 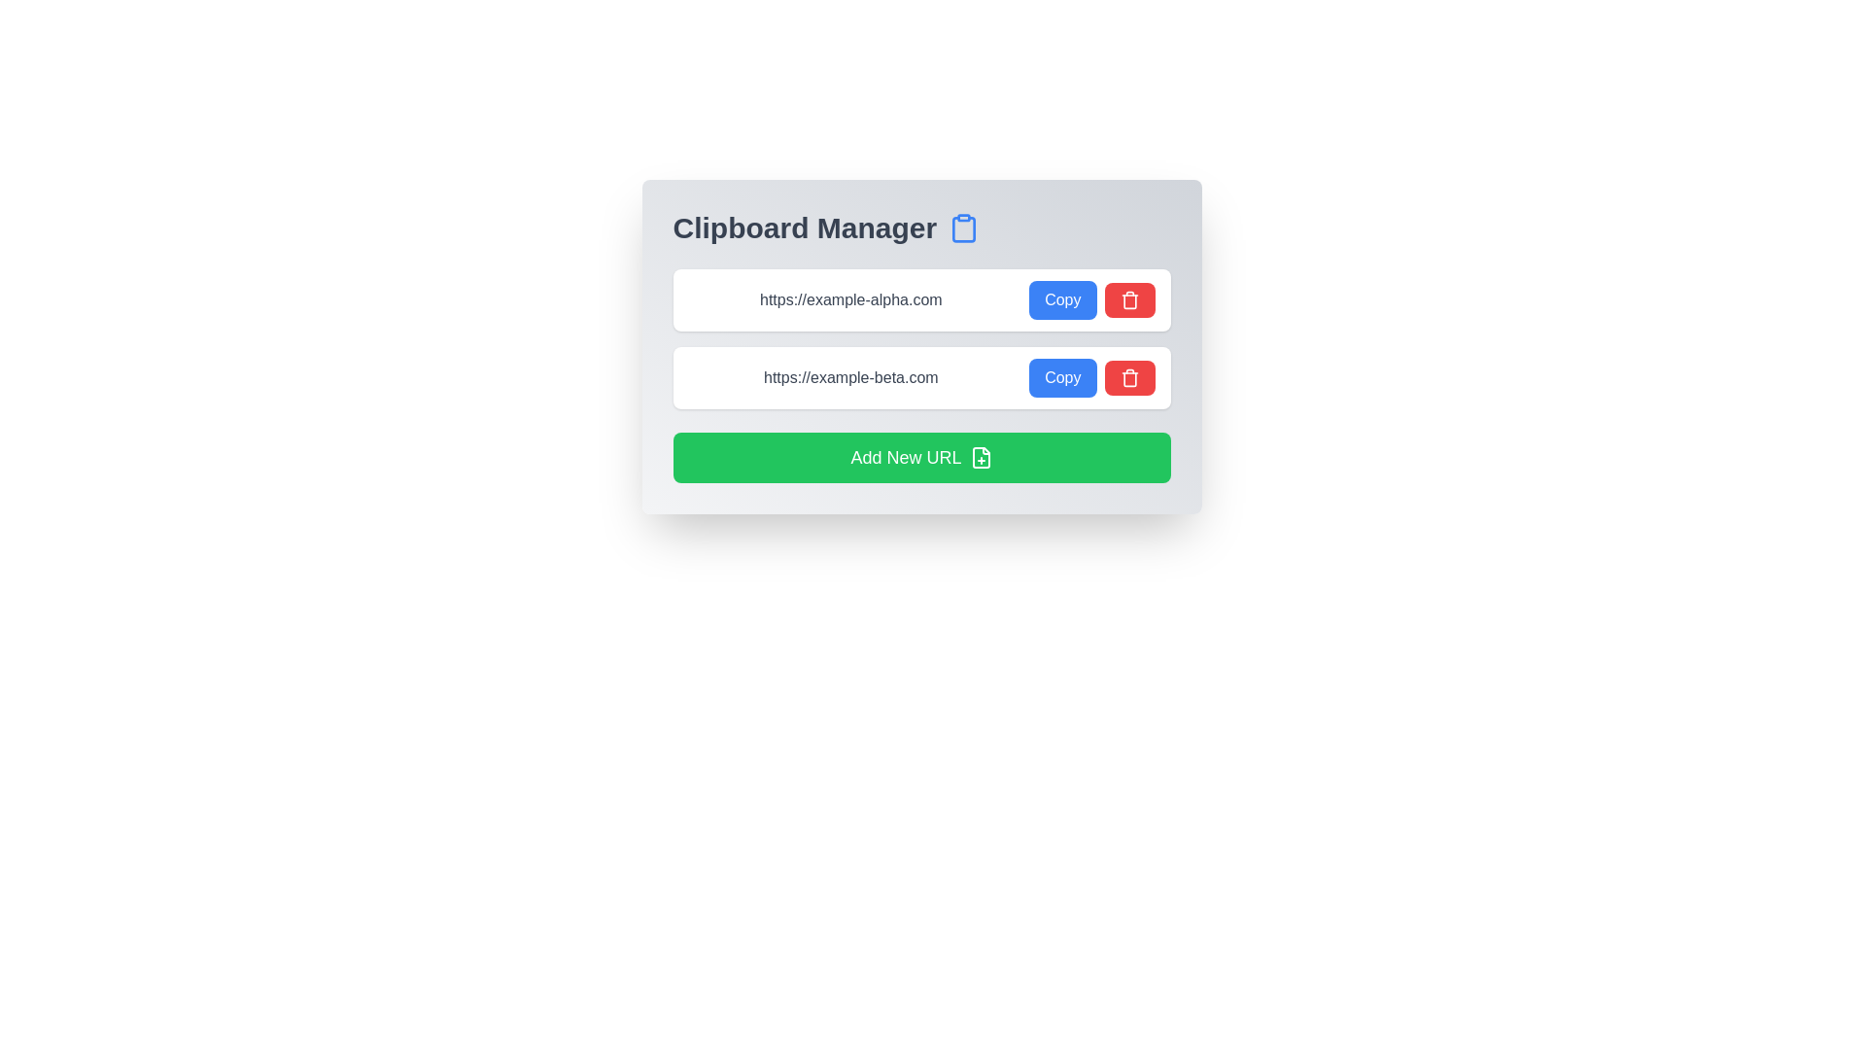 I want to click on the blue clipboard icon located at the end of the 'Clipboard Manager' text in the header of the interface, so click(x=964, y=227).